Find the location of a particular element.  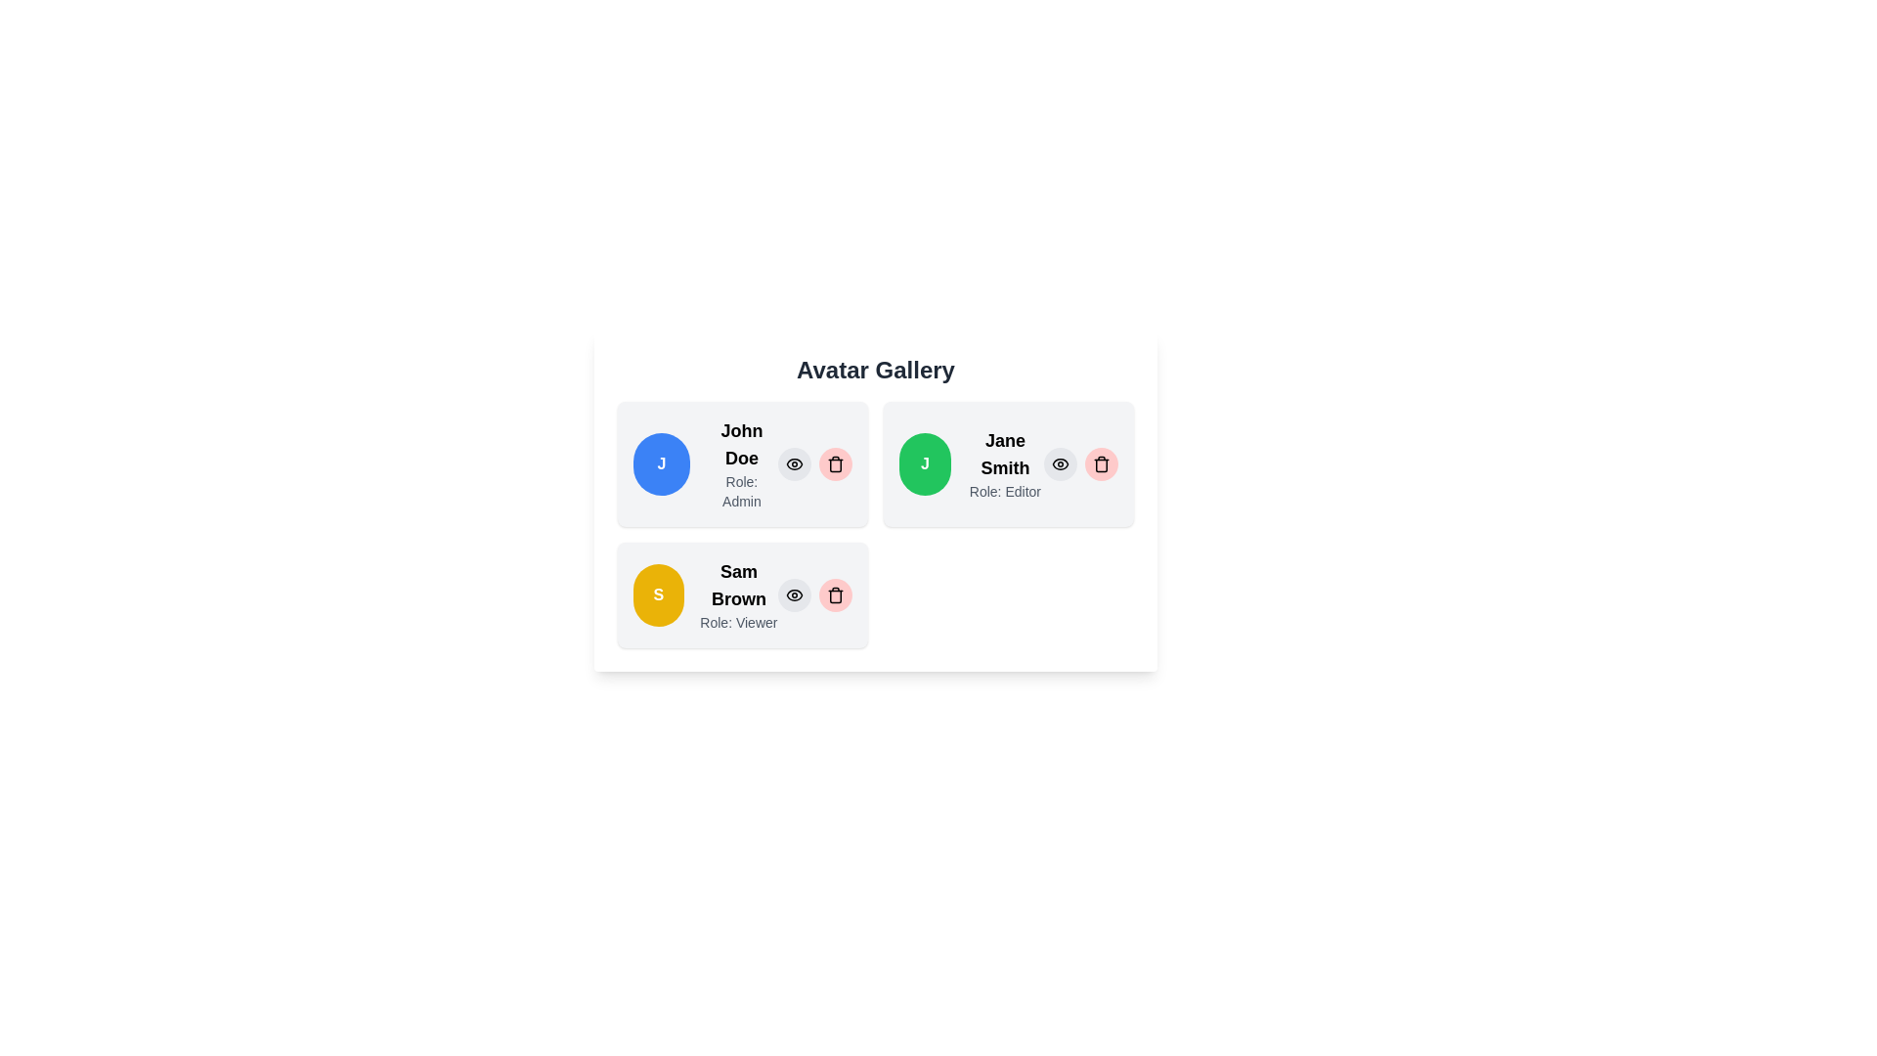

the eye-shaped icon with a circular center located inside the circular button to the right of 'Sam Brown' under the 'Role: Viewer' text in the third card of the layout is located at coordinates (794, 594).